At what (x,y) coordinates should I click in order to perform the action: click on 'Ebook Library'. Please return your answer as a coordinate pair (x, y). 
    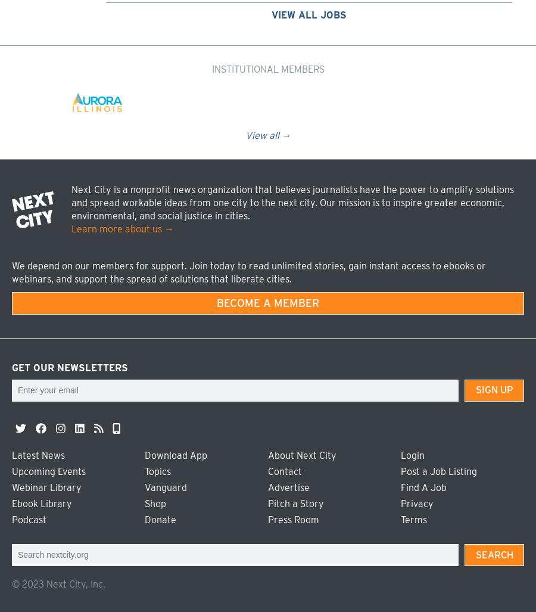
    Looking at the image, I should click on (11, 504).